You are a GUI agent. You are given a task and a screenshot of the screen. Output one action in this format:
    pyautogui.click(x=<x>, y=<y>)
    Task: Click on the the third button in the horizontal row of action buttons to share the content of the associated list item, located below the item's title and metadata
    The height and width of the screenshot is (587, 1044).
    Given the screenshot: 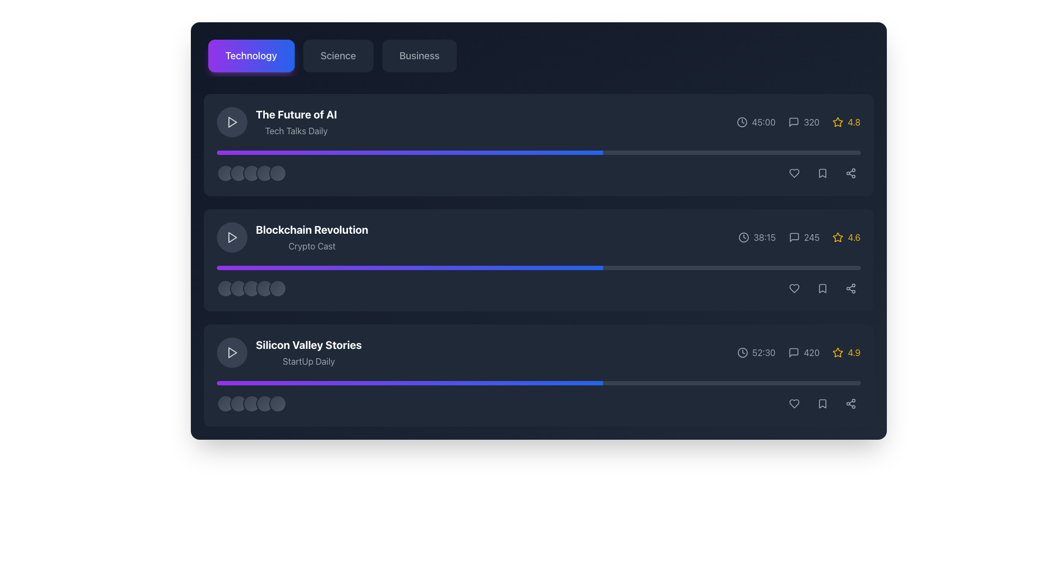 What is the action you would take?
    pyautogui.click(x=850, y=173)
    